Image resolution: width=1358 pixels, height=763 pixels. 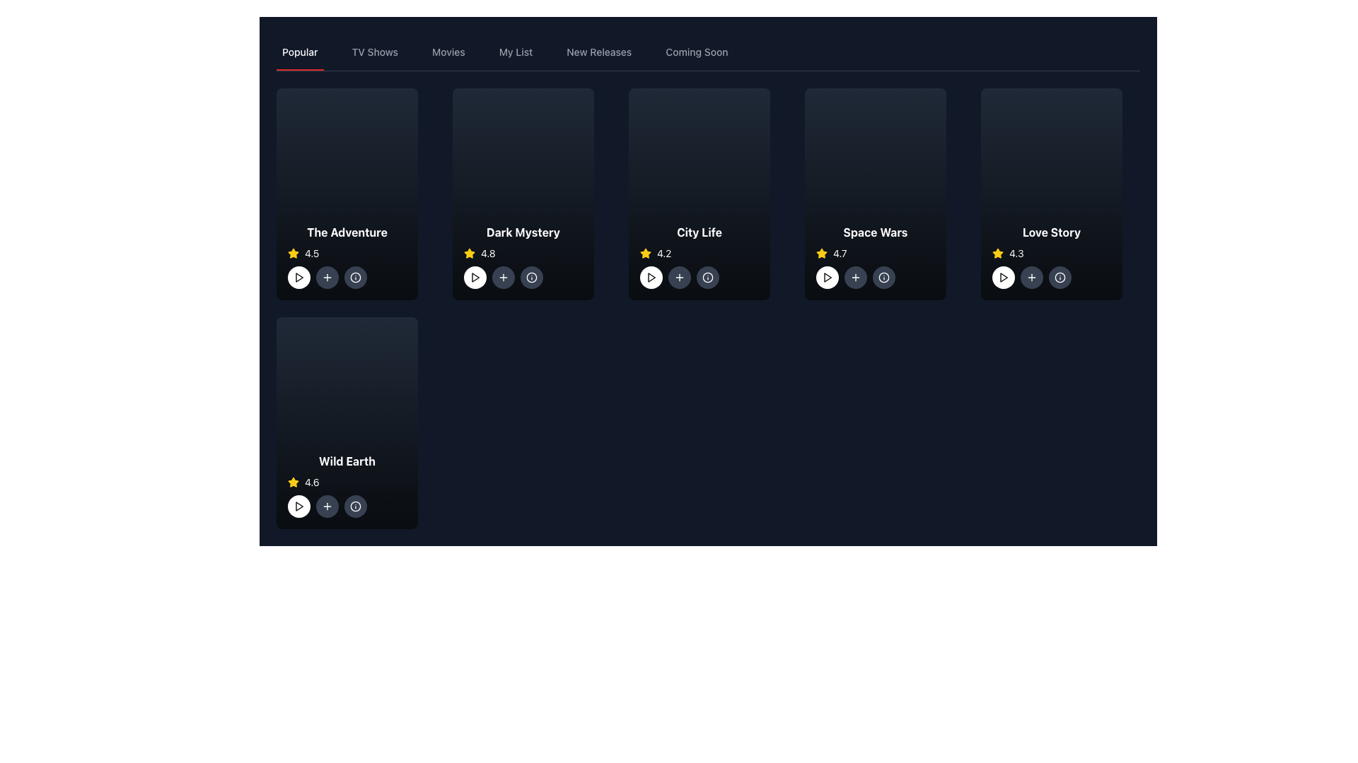 I want to click on the Text label that serves as the title of the media item in the third card of the UI, so click(x=699, y=231).